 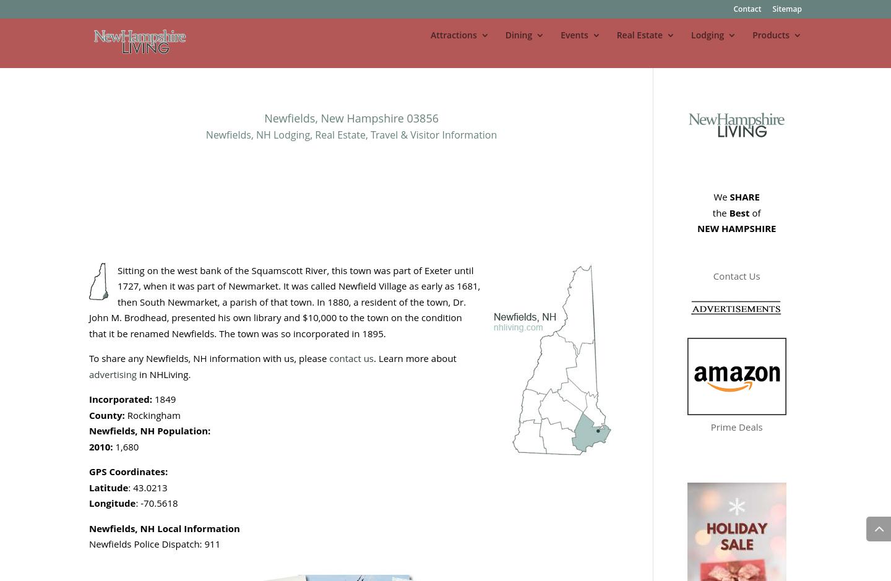 What do you see at coordinates (121, 398) in the screenshot?
I see `'Incorporated:'` at bounding box center [121, 398].